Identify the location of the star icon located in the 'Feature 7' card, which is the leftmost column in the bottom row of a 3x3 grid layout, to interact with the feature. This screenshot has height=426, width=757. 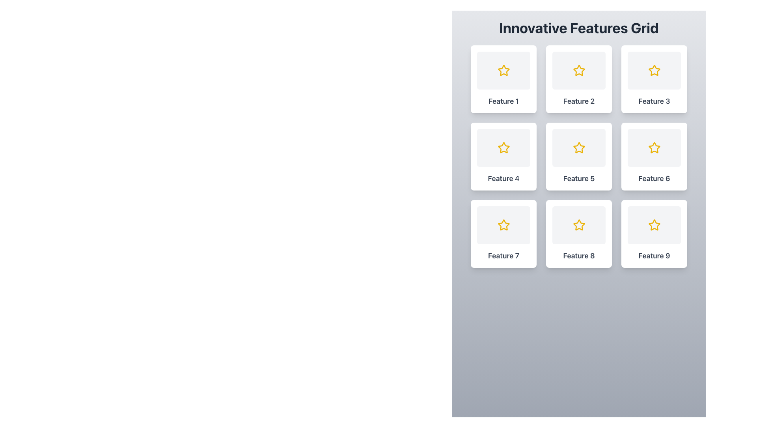
(503, 225).